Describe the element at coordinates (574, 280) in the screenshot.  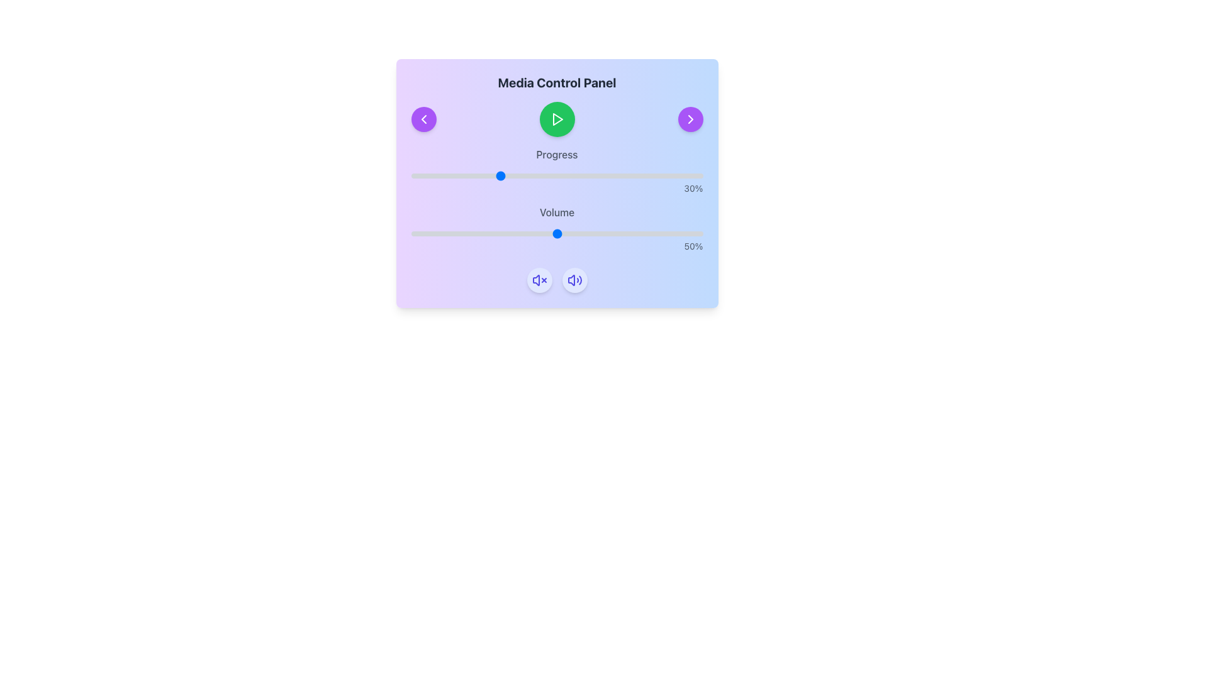
I see `the volume control button located at the bottom-right of the Media Control Panel` at that location.